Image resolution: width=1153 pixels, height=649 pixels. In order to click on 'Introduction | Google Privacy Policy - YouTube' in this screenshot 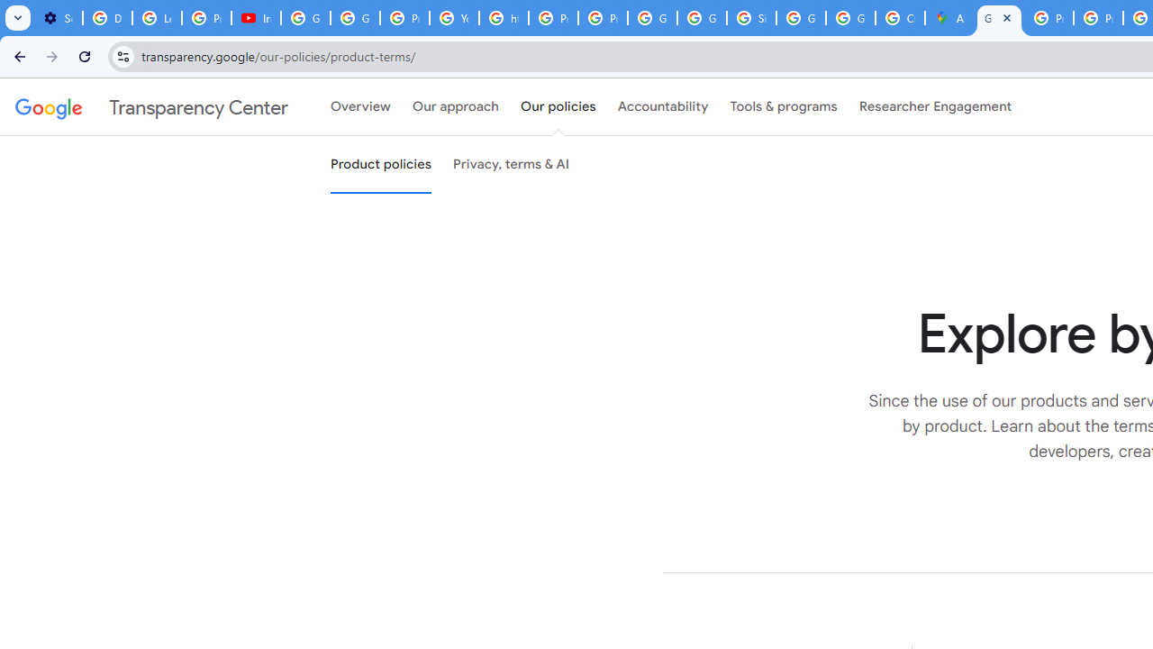, I will do `click(255, 18)`.